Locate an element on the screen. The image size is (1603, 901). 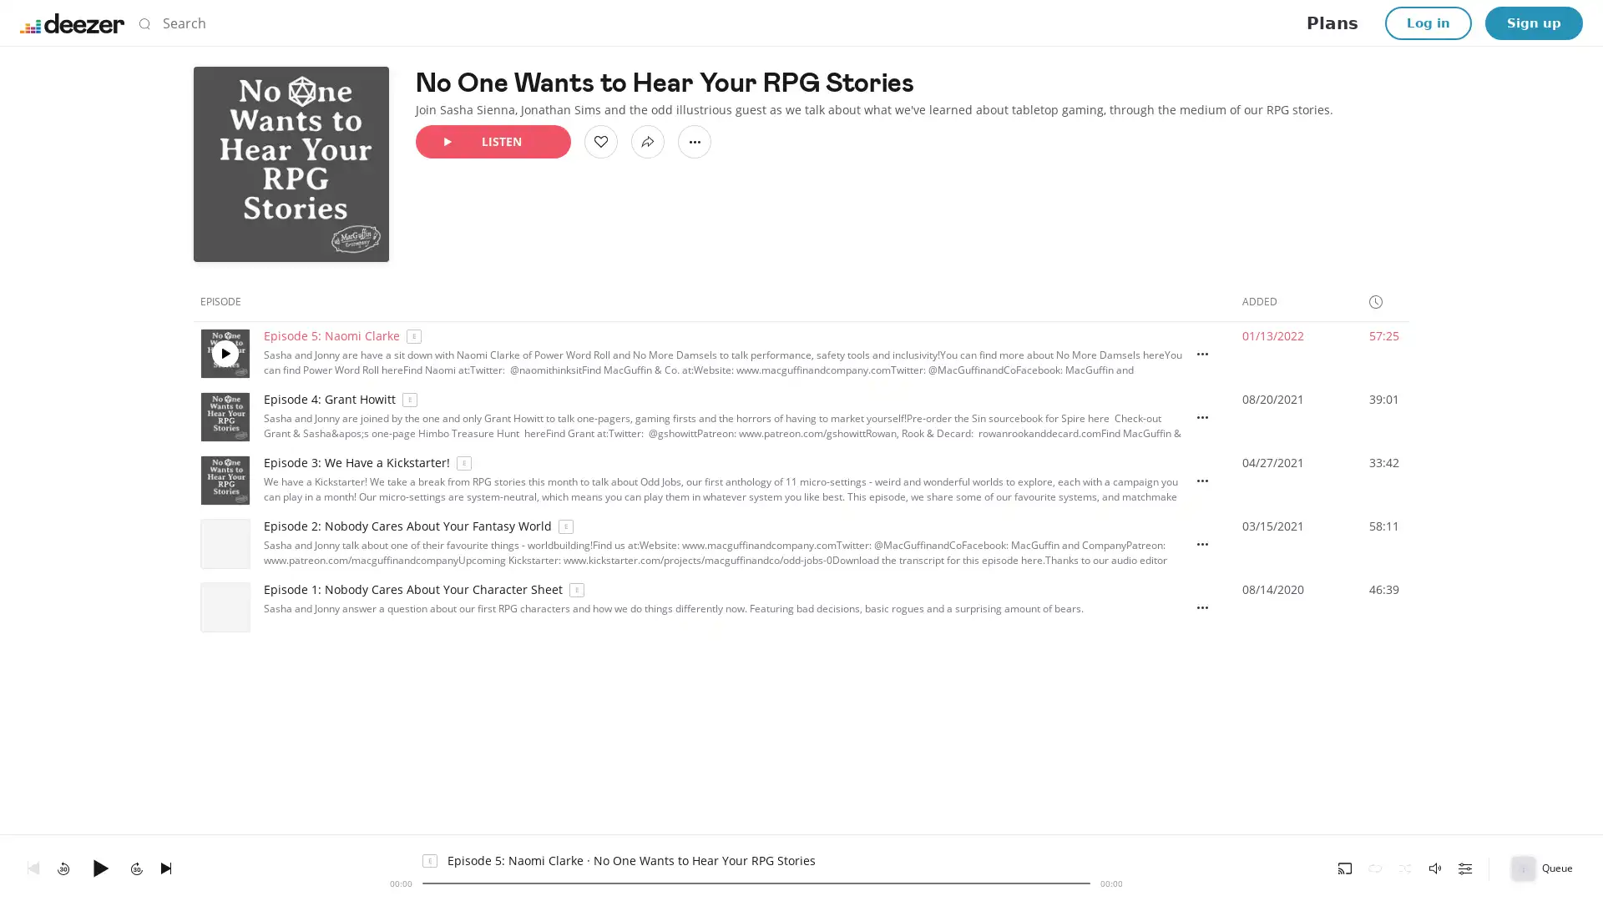
EPISODE is located at coordinates (227, 301).